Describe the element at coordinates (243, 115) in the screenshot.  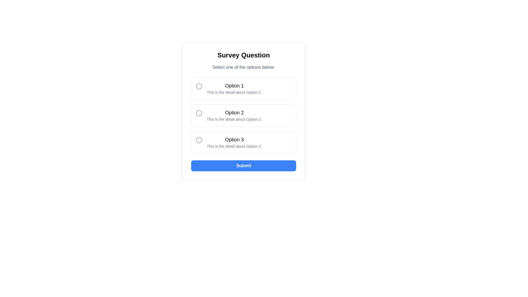
I see `the second selectable survey option in the vertical list` at that location.